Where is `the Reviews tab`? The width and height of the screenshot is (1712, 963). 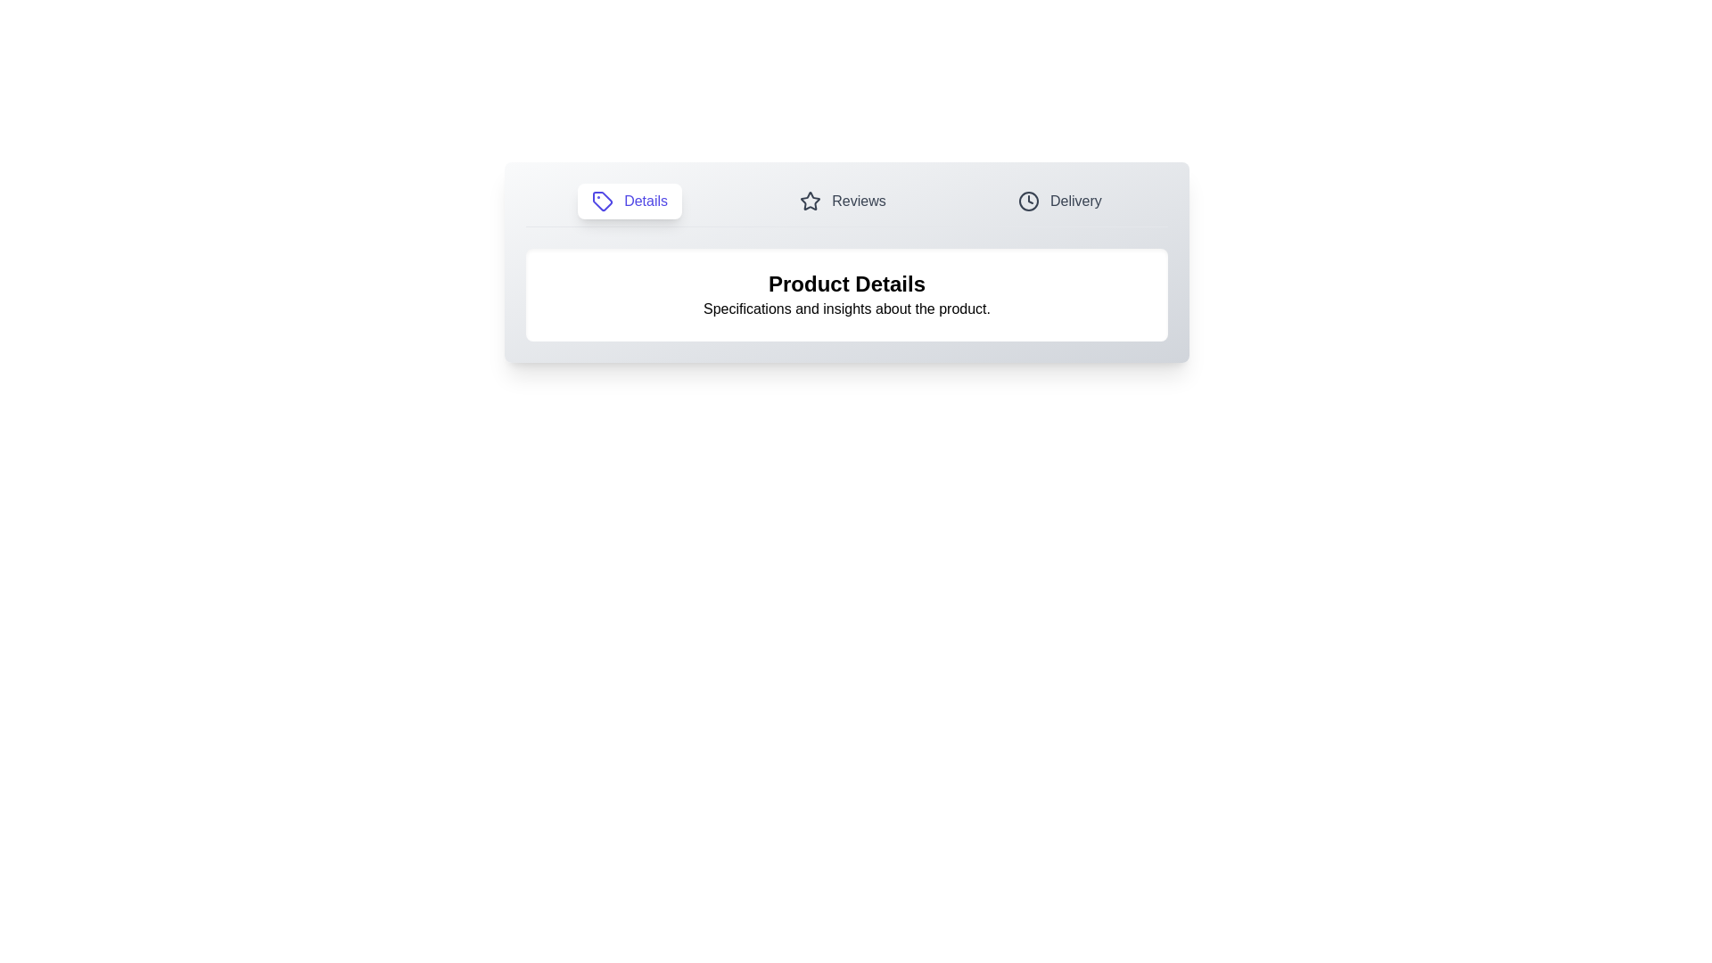 the Reviews tab is located at coordinates (842, 201).